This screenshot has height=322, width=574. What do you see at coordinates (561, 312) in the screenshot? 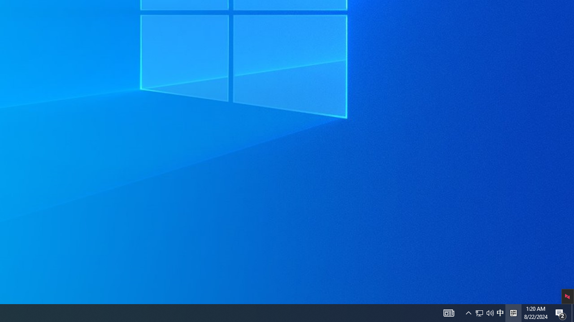
I see `'Action Center, 2 new notifications'` at bounding box center [561, 312].